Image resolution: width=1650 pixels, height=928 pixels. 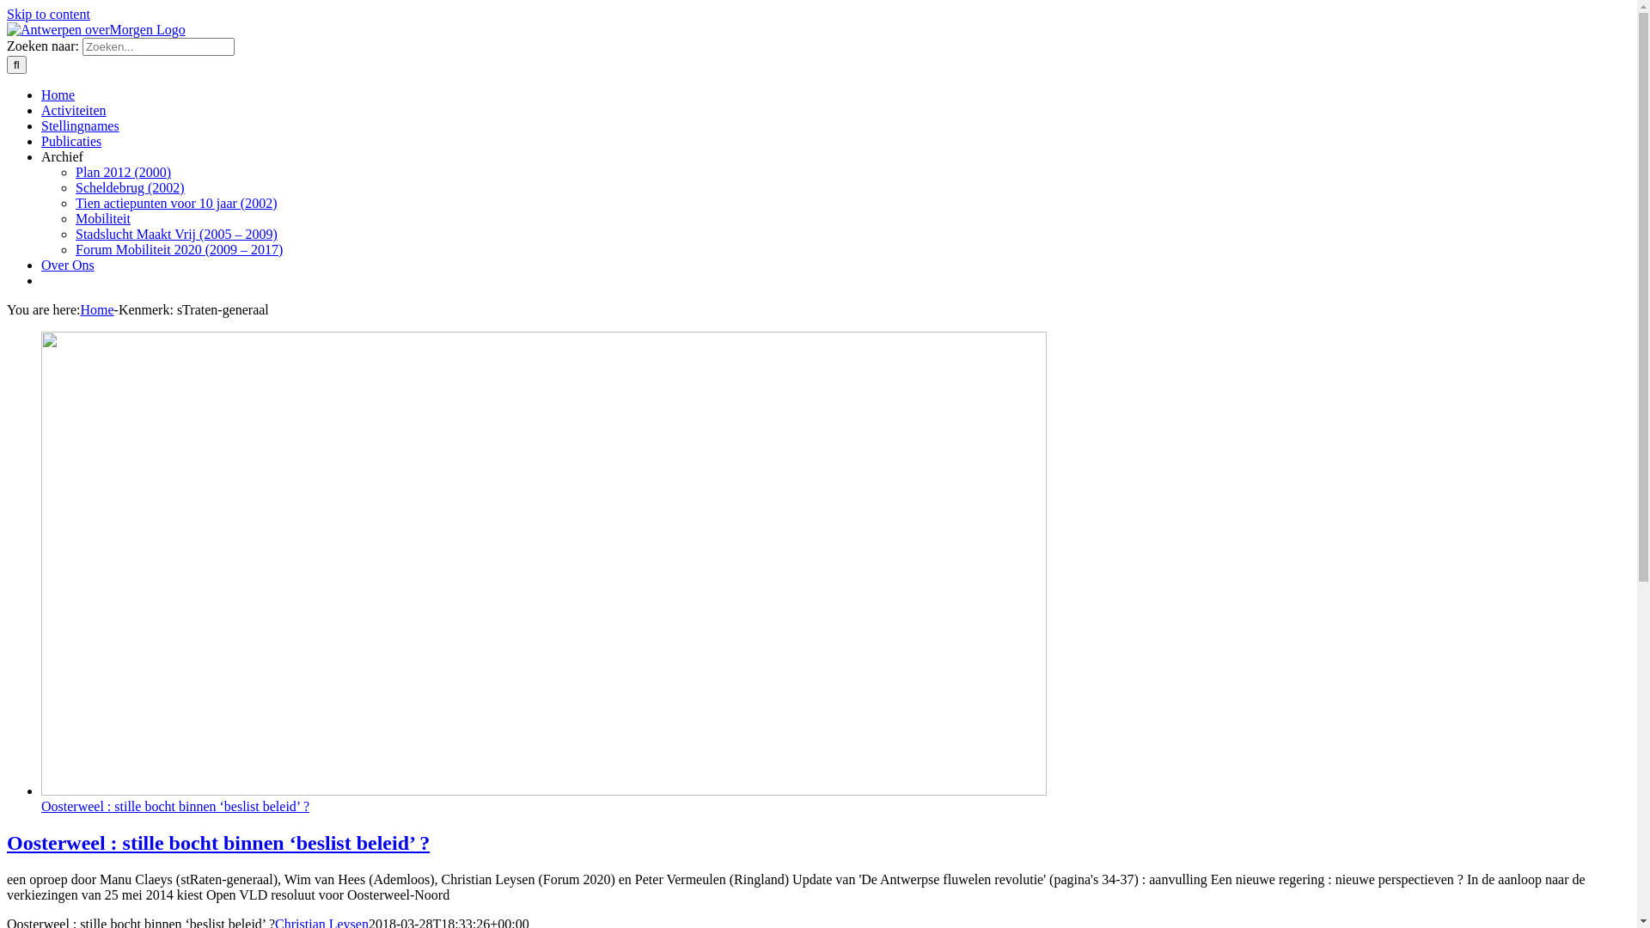 I want to click on 'Activiteiten', so click(x=84, y=110).